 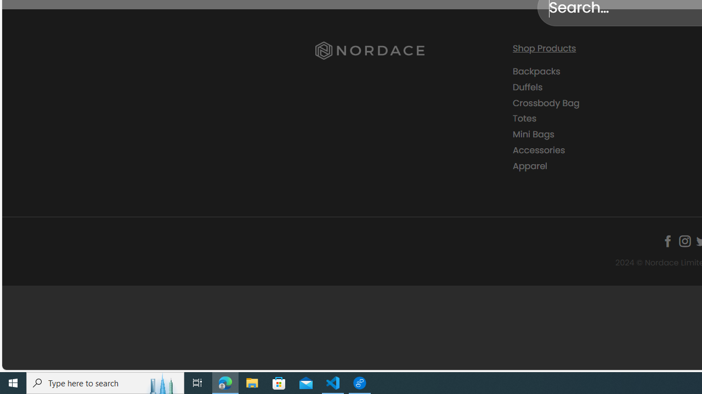 What do you see at coordinates (602, 103) in the screenshot?
I see `'Crossbody Bag'` at bounding box center [602, 103].